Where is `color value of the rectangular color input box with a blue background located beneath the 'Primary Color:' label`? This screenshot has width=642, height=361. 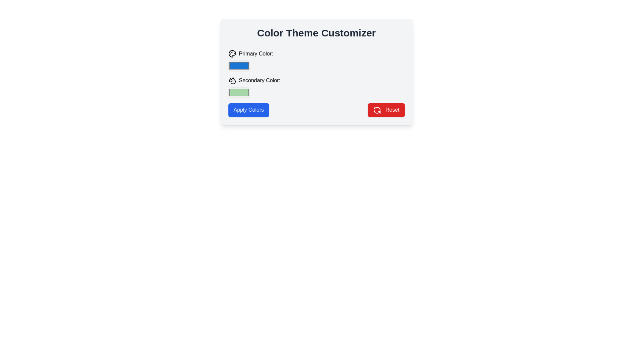
color value of the rectangular color input box with a blue background located beneath the 'Primary Color:' label is located at coordinates (239, 66).